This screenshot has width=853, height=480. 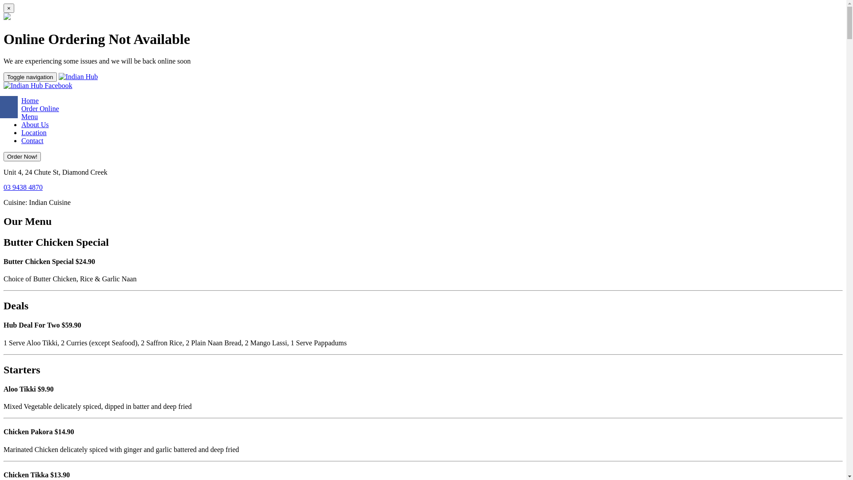 I want to click on 'Toggle navigation', so click(x=30, y=76).